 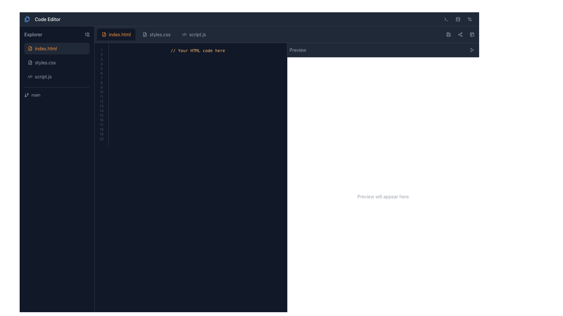 I want to click on the 'index.html' tab, so click(x=287, y=35).